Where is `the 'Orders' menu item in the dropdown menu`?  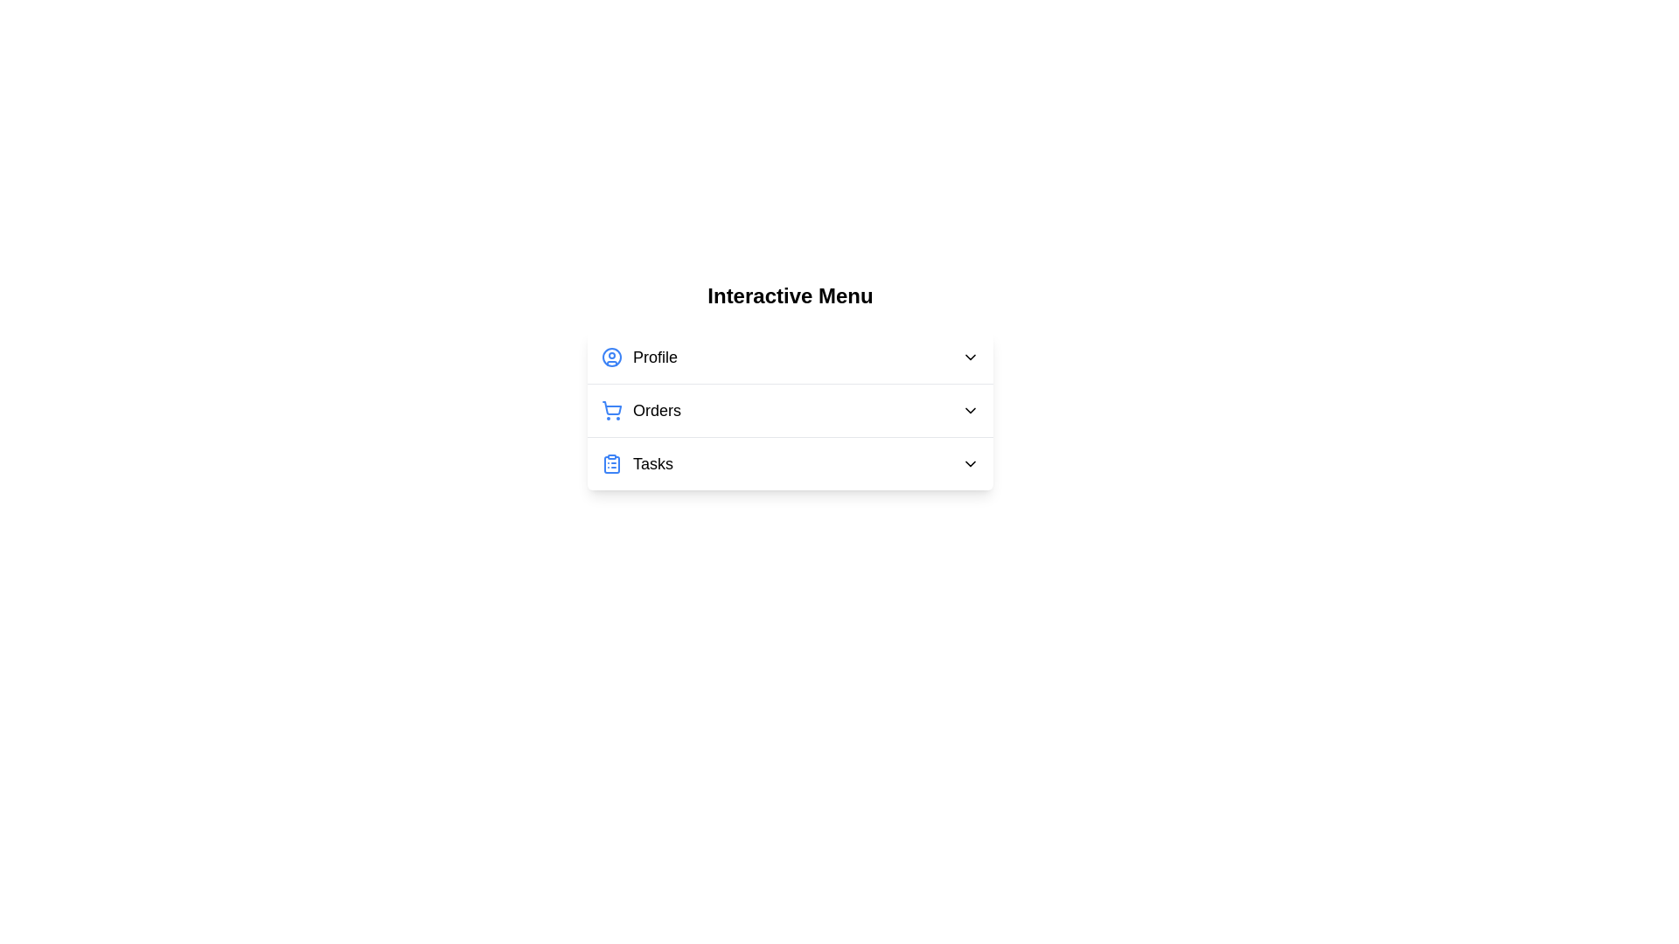 the 'Orders' menu item in the dropdown menu is located at coordinates (789, 410).